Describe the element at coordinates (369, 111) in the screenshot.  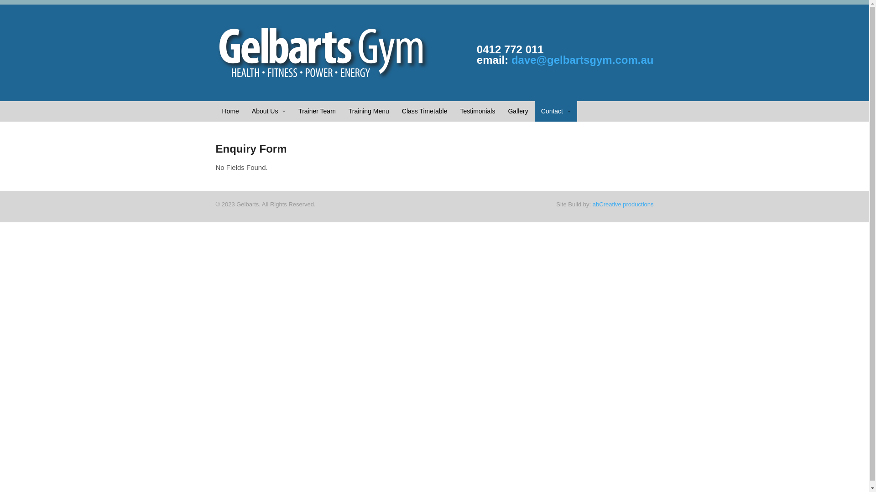
I see `'Training Menu'` at that location.